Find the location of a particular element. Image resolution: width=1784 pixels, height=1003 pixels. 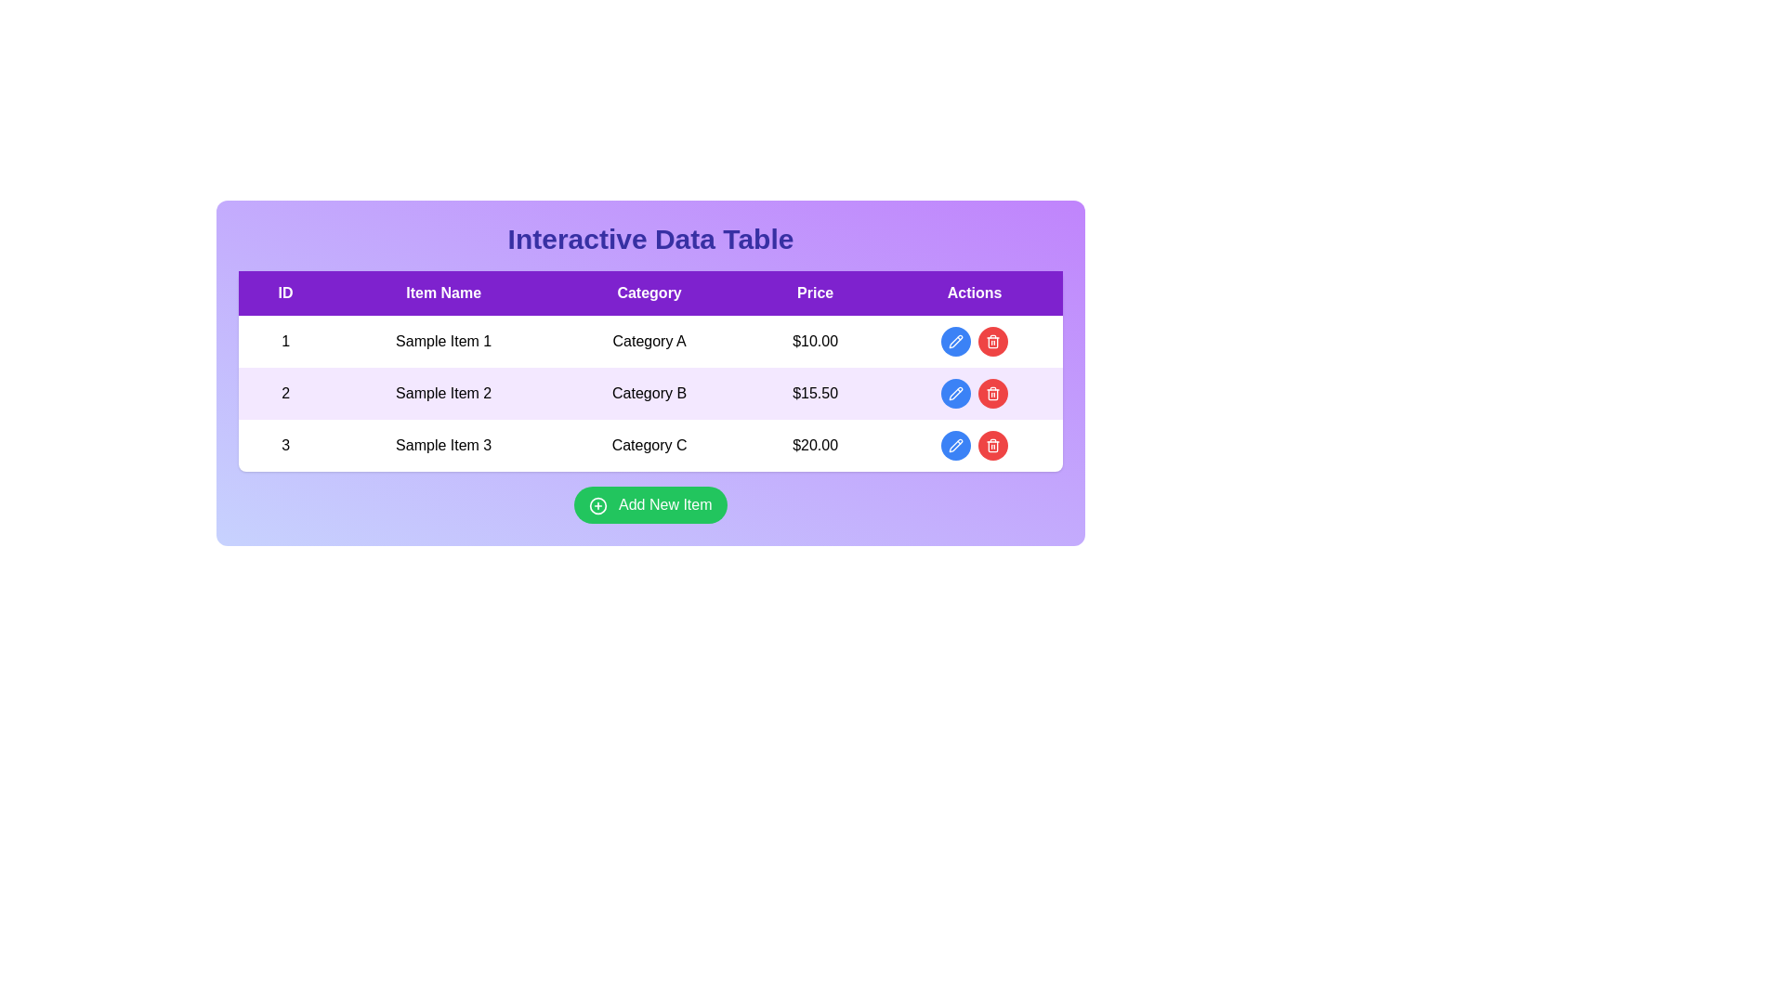

the 'Delete' icon button located in the 'Actions' column of the third row in the data table is located at coordinates (992, 341).